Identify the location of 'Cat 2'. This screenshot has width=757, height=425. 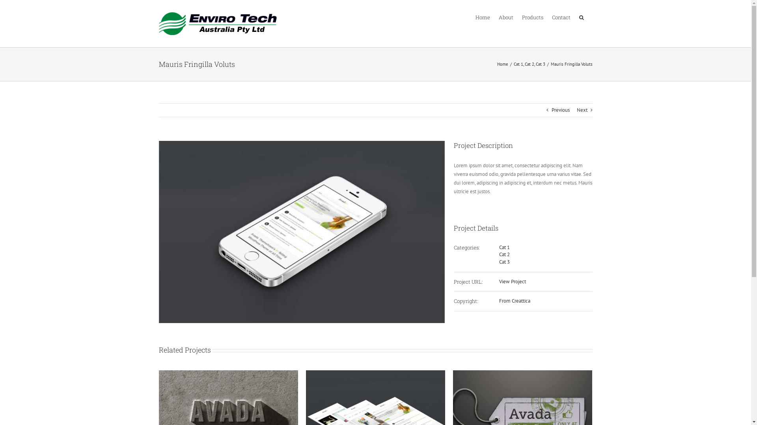
(529, 63).